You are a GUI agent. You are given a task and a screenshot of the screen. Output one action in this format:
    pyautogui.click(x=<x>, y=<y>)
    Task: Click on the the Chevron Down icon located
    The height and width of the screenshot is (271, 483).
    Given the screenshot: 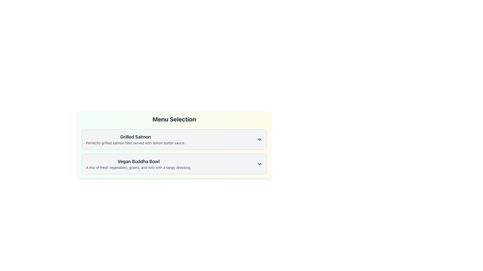 What is the action you would take?
    pyautogui.click(x=260, y=164)
    